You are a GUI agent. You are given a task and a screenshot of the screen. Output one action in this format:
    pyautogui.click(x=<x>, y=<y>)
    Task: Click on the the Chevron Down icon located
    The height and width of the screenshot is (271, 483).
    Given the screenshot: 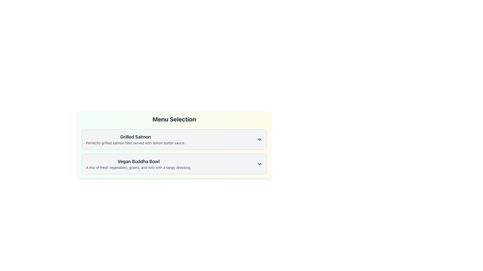 What is the action you would take?
    pyautogui.click(x=260, y=164)
    